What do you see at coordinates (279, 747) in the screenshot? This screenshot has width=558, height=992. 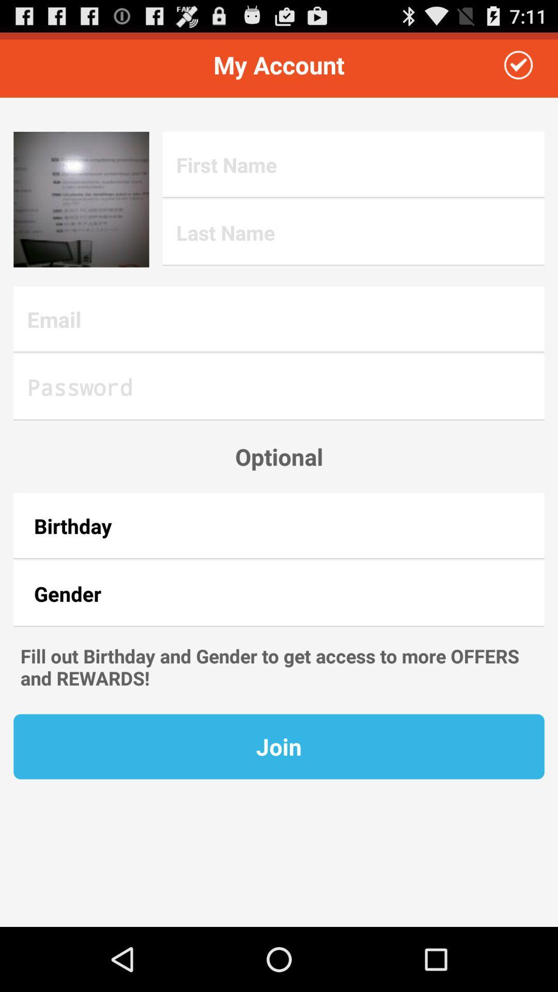 I see `the app below the fill out birthday app` at bounding box center [279, 747].